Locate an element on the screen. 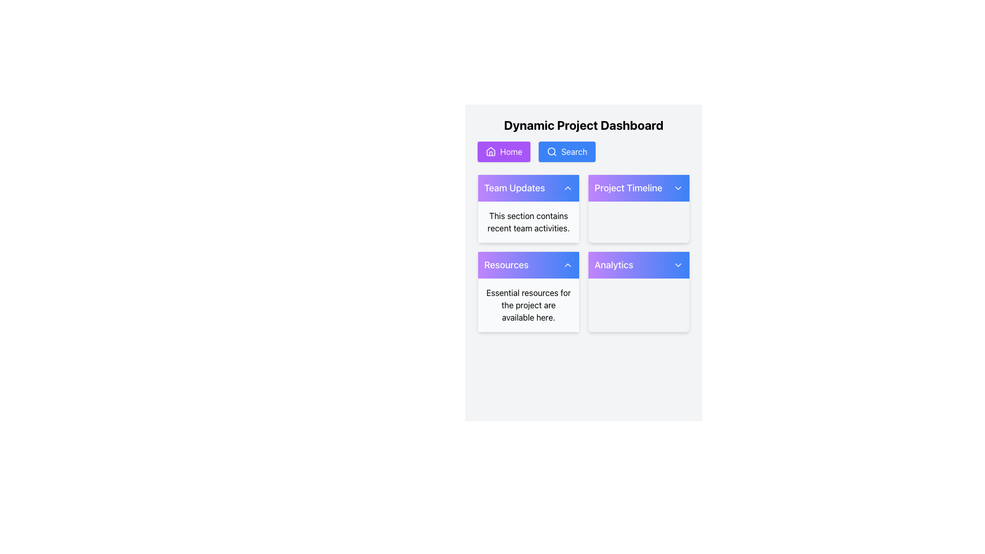 The width and height of the screenshot is (985, 554). the 'Project Timeline' dashboard card is located at coordinates (638, 208).